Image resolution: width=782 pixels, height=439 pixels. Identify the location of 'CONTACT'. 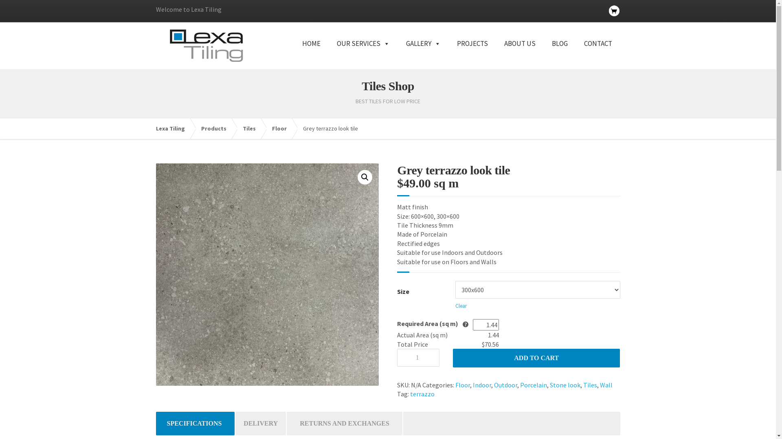
(598, 53).